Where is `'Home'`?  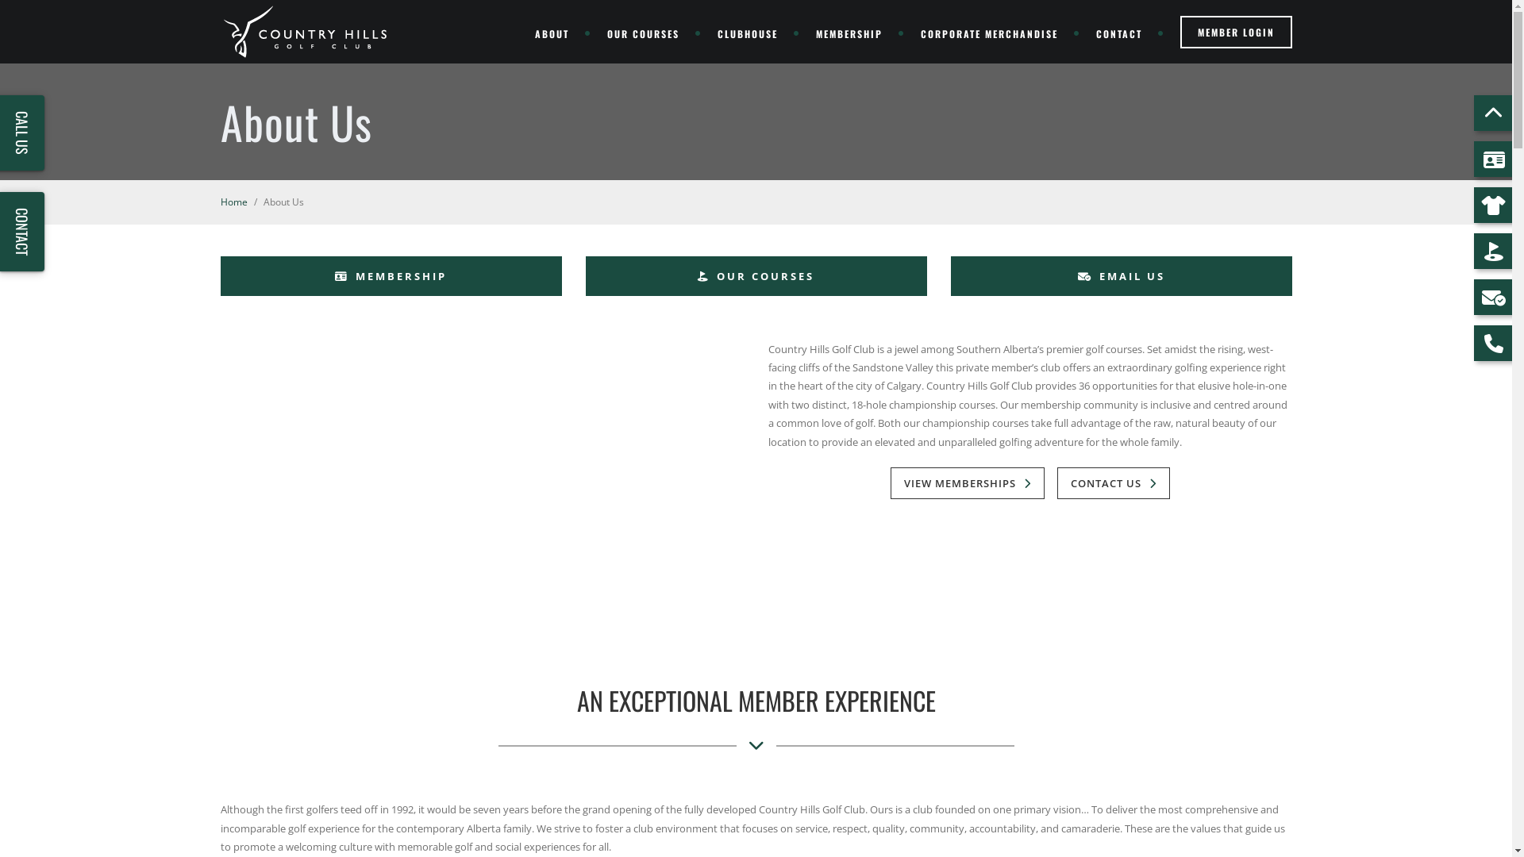
'Home' is located at coordinates (233, 201).